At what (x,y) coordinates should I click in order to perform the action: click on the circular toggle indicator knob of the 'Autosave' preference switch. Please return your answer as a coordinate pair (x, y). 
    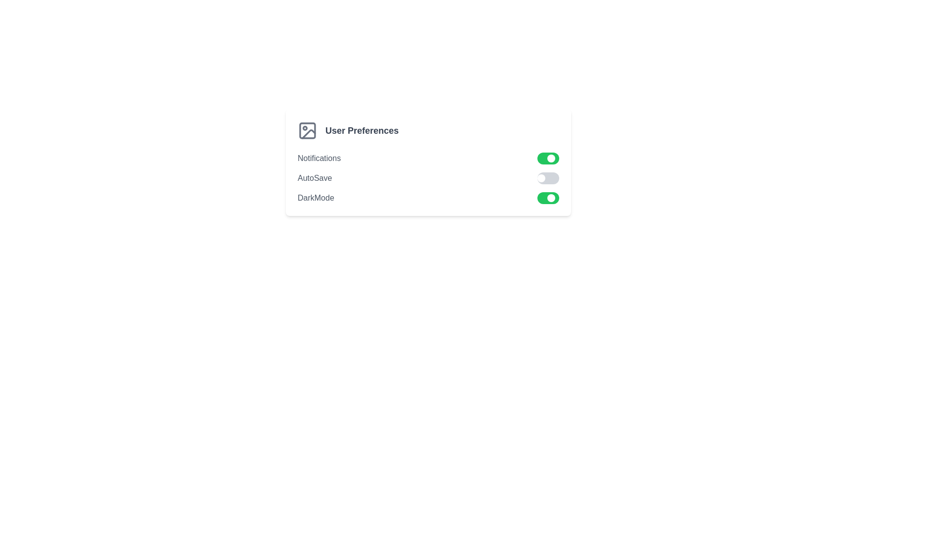
    Looking at the image, I should click on (541, 177).